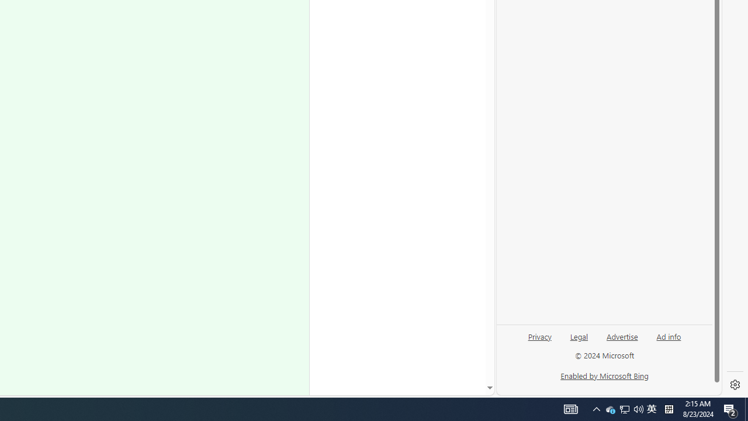 Image resolution: width=748 pixels, height=421 pixels. What do you see at coordinates (539, 341) in the screenshot?
I see `'Privacy'` at bounding box center [539, 341].